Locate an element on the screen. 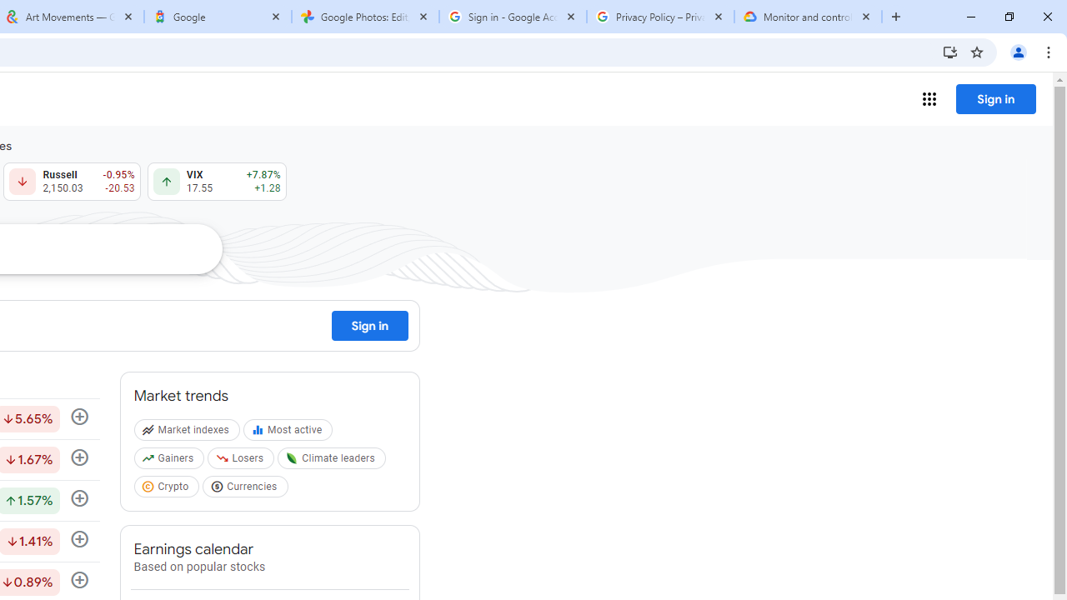 The height and width of the screenshot is (600, 1067). 'GLeaf logo Climate leaders' is located at coordinates (333, 462).